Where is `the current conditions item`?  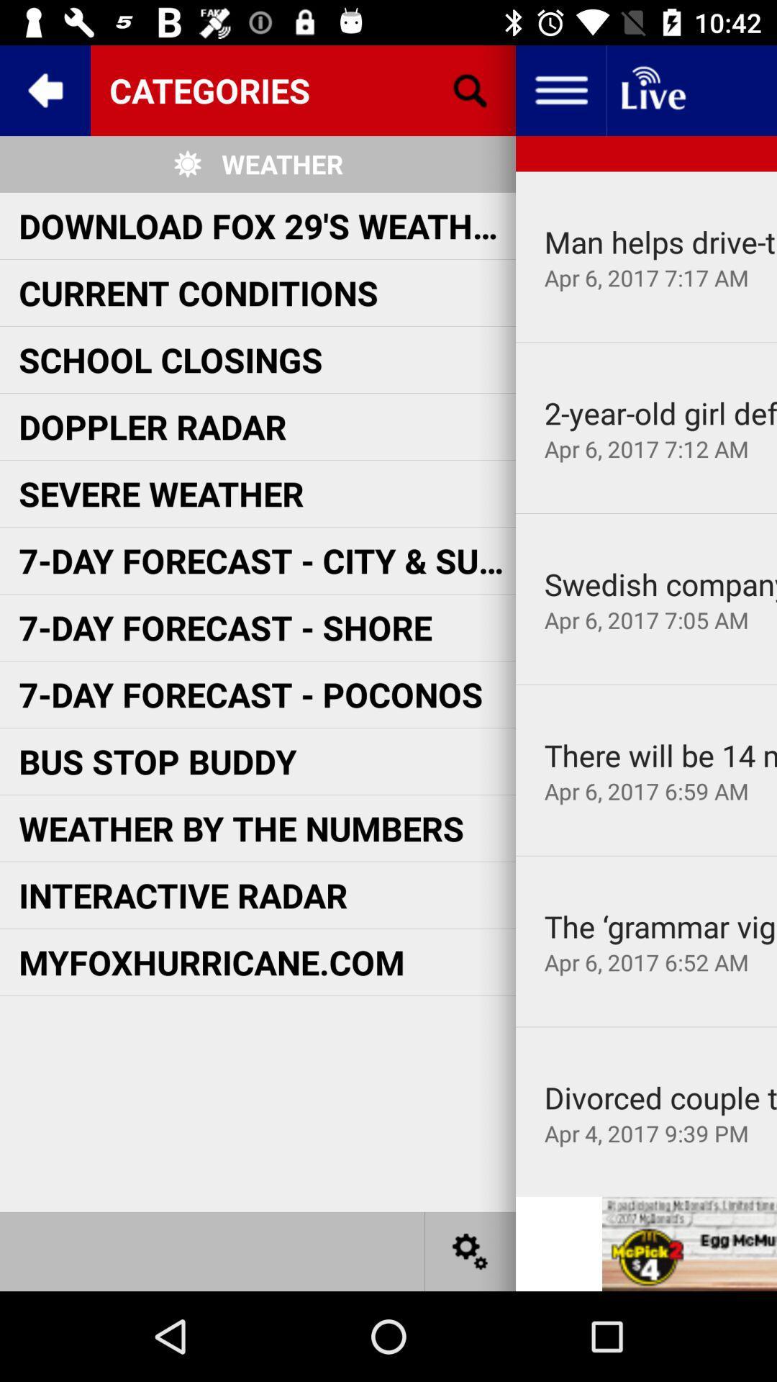 the current conditions item is located at coordinates (199, 292).